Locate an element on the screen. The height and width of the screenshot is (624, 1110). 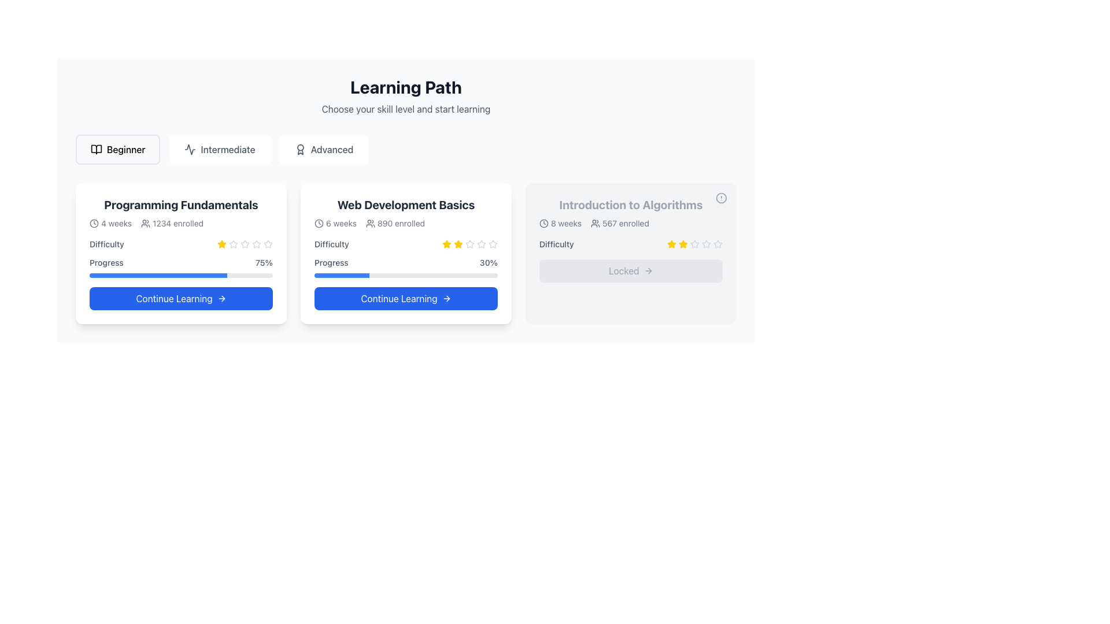
the decorative award icon in the 'Advanced' section header, which is styled with a circular ribbon design and rendered in dark gray is located at coordinates (300, 148).